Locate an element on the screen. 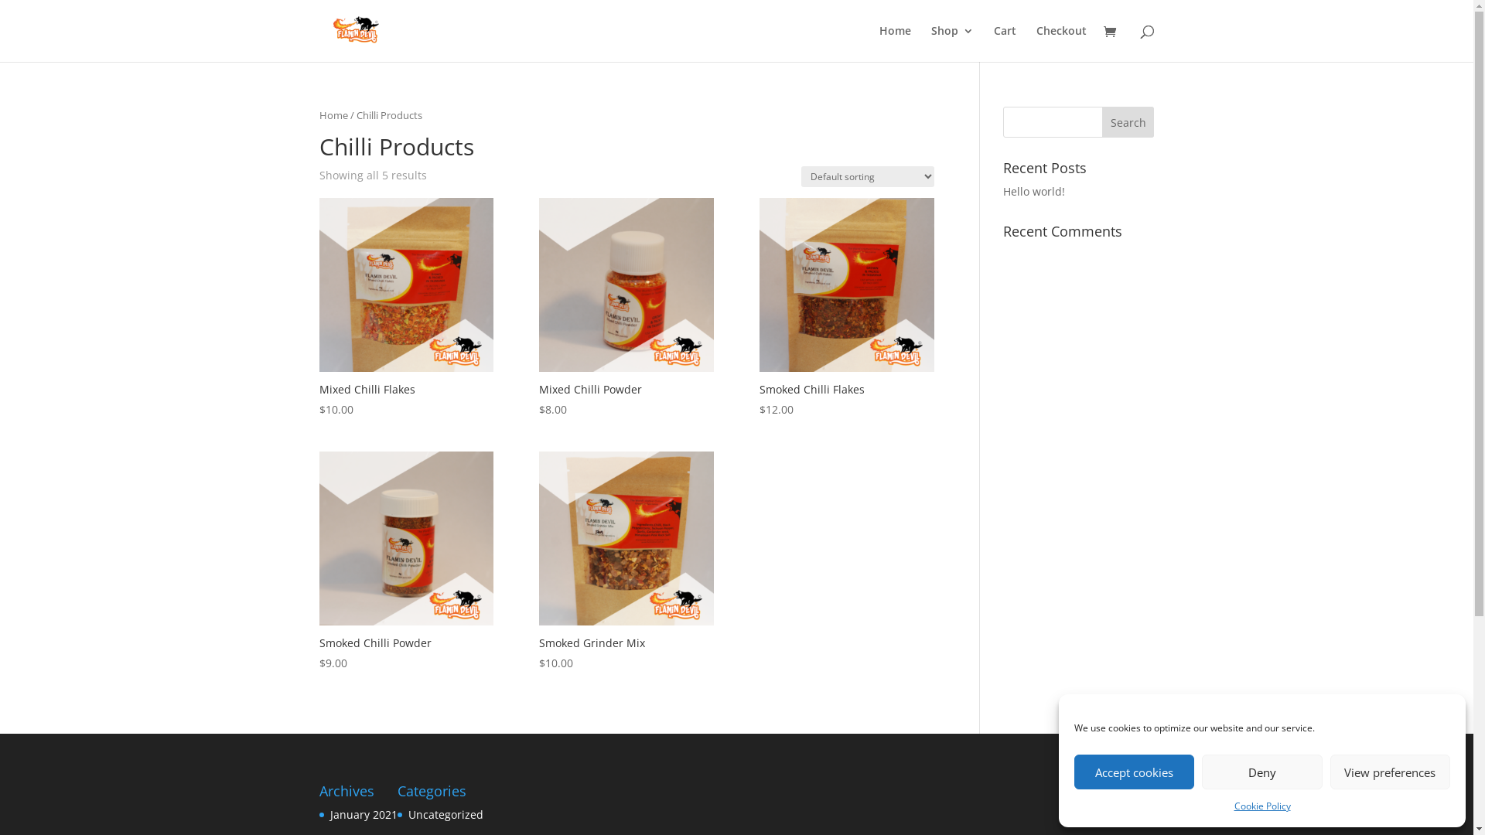  'Cookie Policy' is located at coordinates (1262, 805).